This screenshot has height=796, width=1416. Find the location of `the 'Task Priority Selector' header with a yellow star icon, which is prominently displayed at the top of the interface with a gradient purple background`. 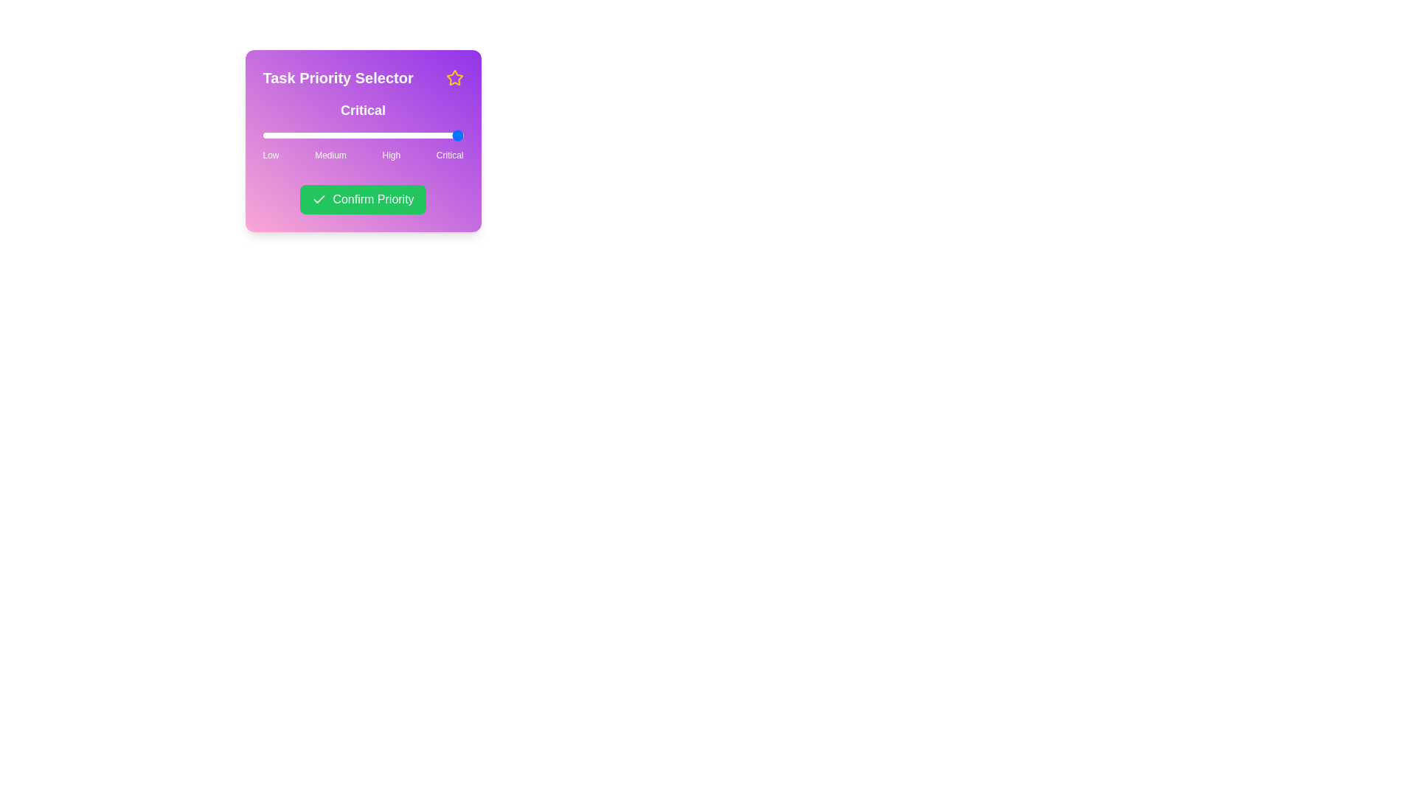

the 'Task Priority Selector' header with a yellow star icon, which is prominently displayed at the top of the interface with a gradient purple background is located at coordinates (363, 77).